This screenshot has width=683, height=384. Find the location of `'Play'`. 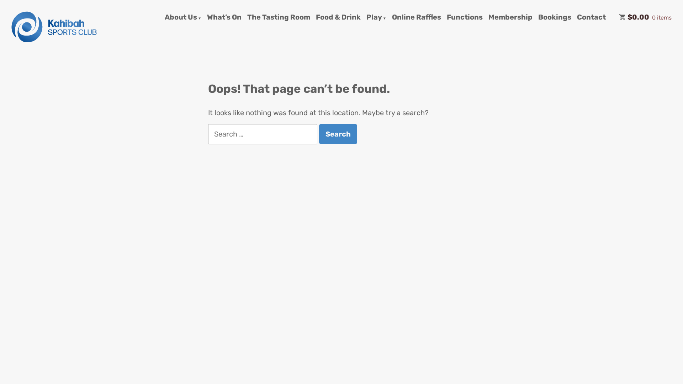

'Play' is located at coordinates (376, 17).